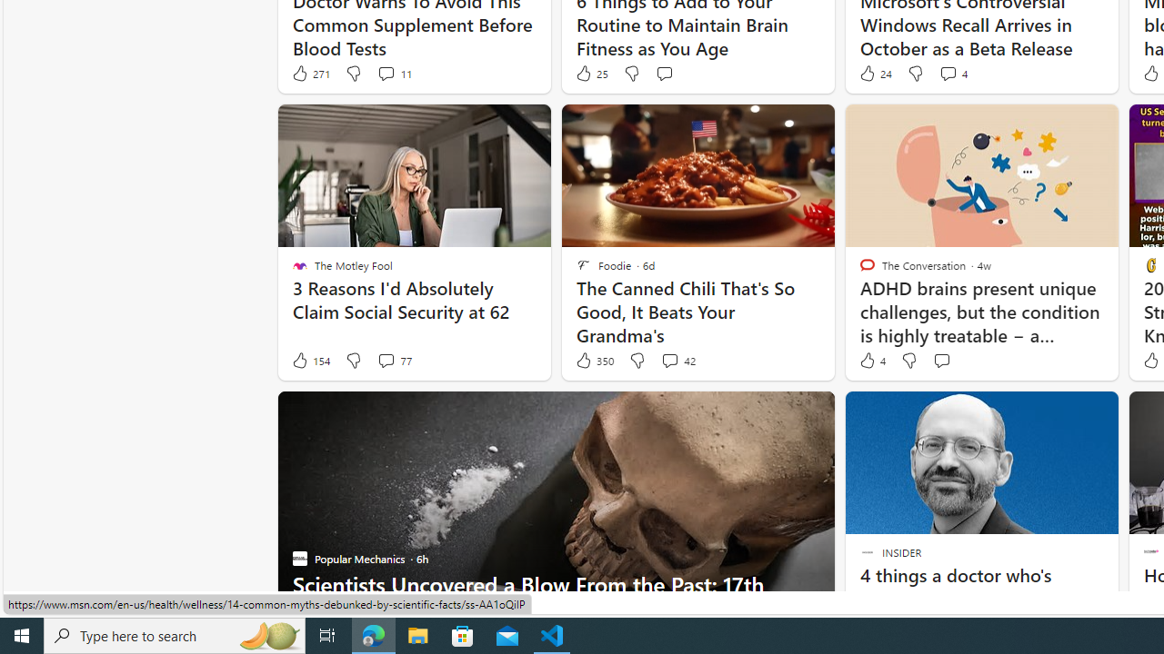  Describe the element at coordinates (668, 361) in the screenshot. I see `'View comments 42 Comment'` at that location.